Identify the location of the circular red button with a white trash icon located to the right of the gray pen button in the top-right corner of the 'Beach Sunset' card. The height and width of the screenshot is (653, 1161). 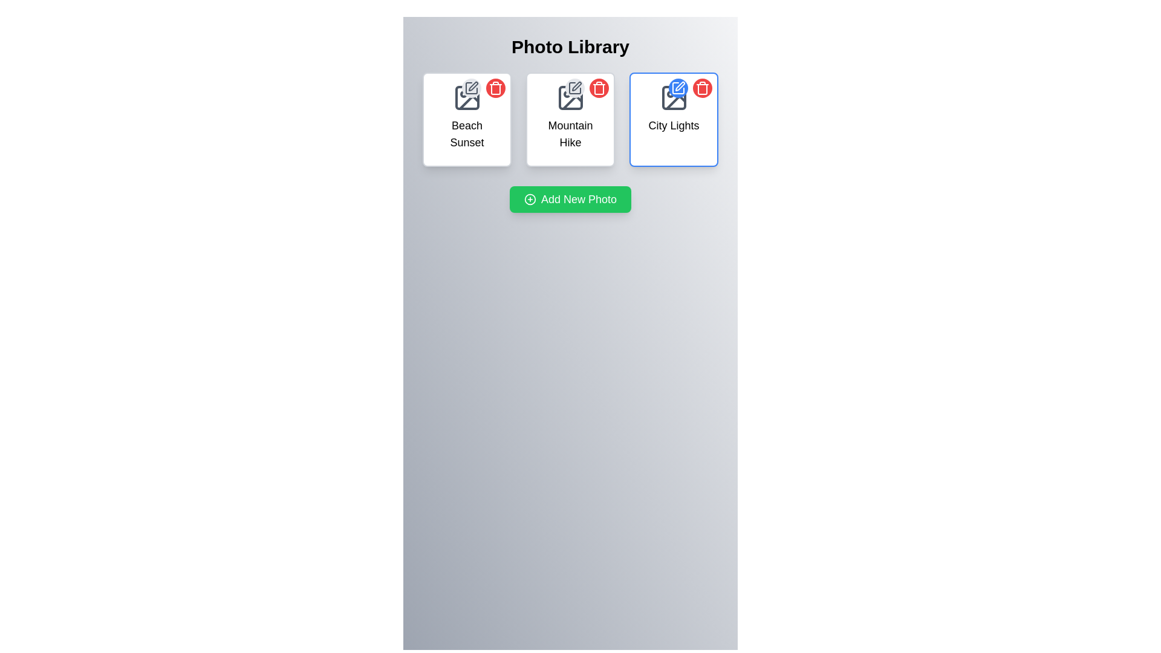
(496, 88).